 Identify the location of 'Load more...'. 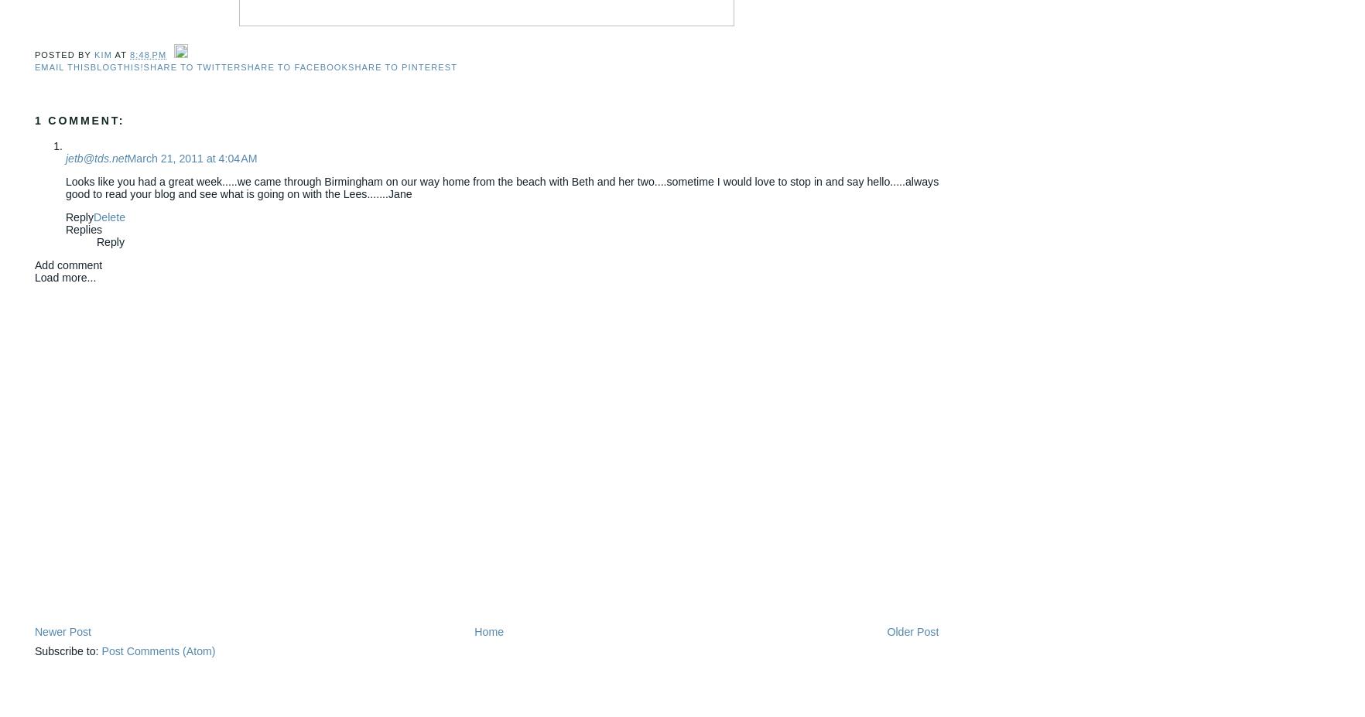
(64, 277).